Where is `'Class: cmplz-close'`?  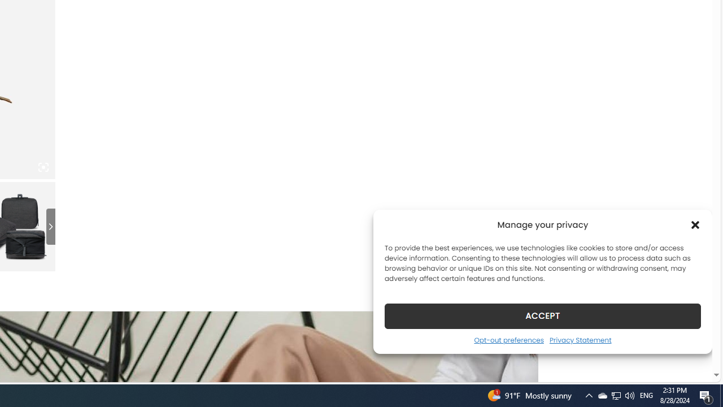 'Class: cmplz-close' is located at coordinates (695, 224).